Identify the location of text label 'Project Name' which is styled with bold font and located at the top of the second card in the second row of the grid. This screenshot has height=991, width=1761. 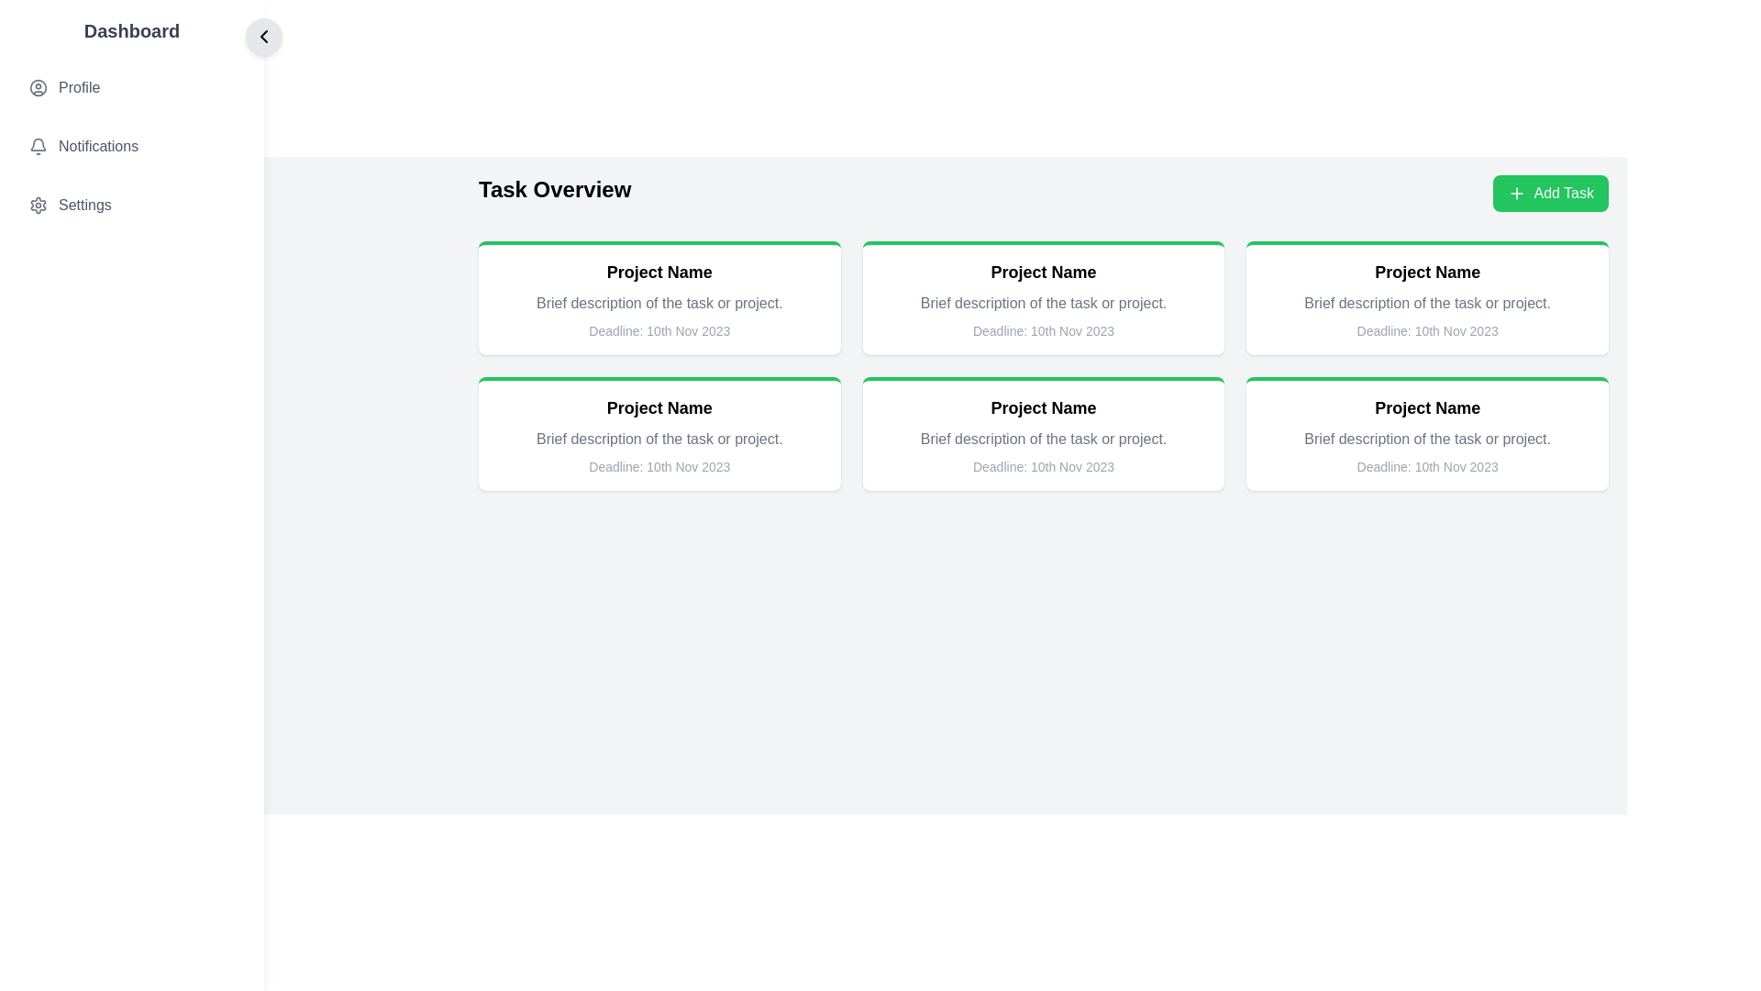
(1426, 406).